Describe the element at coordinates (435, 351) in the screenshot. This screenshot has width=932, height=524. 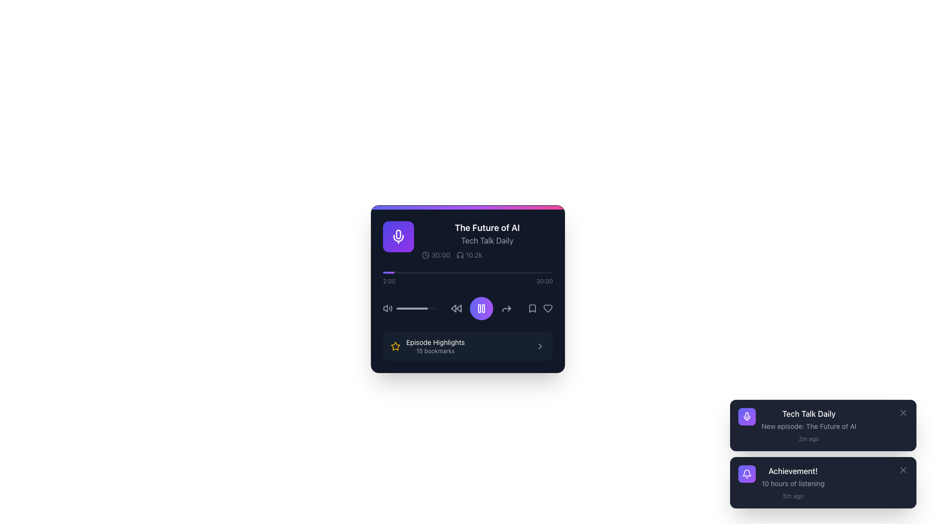
I see `the text label indicating the number of bookmarks ('15') associated with 'Episode Highlights', positioned below the main title in a card interface` at that location.